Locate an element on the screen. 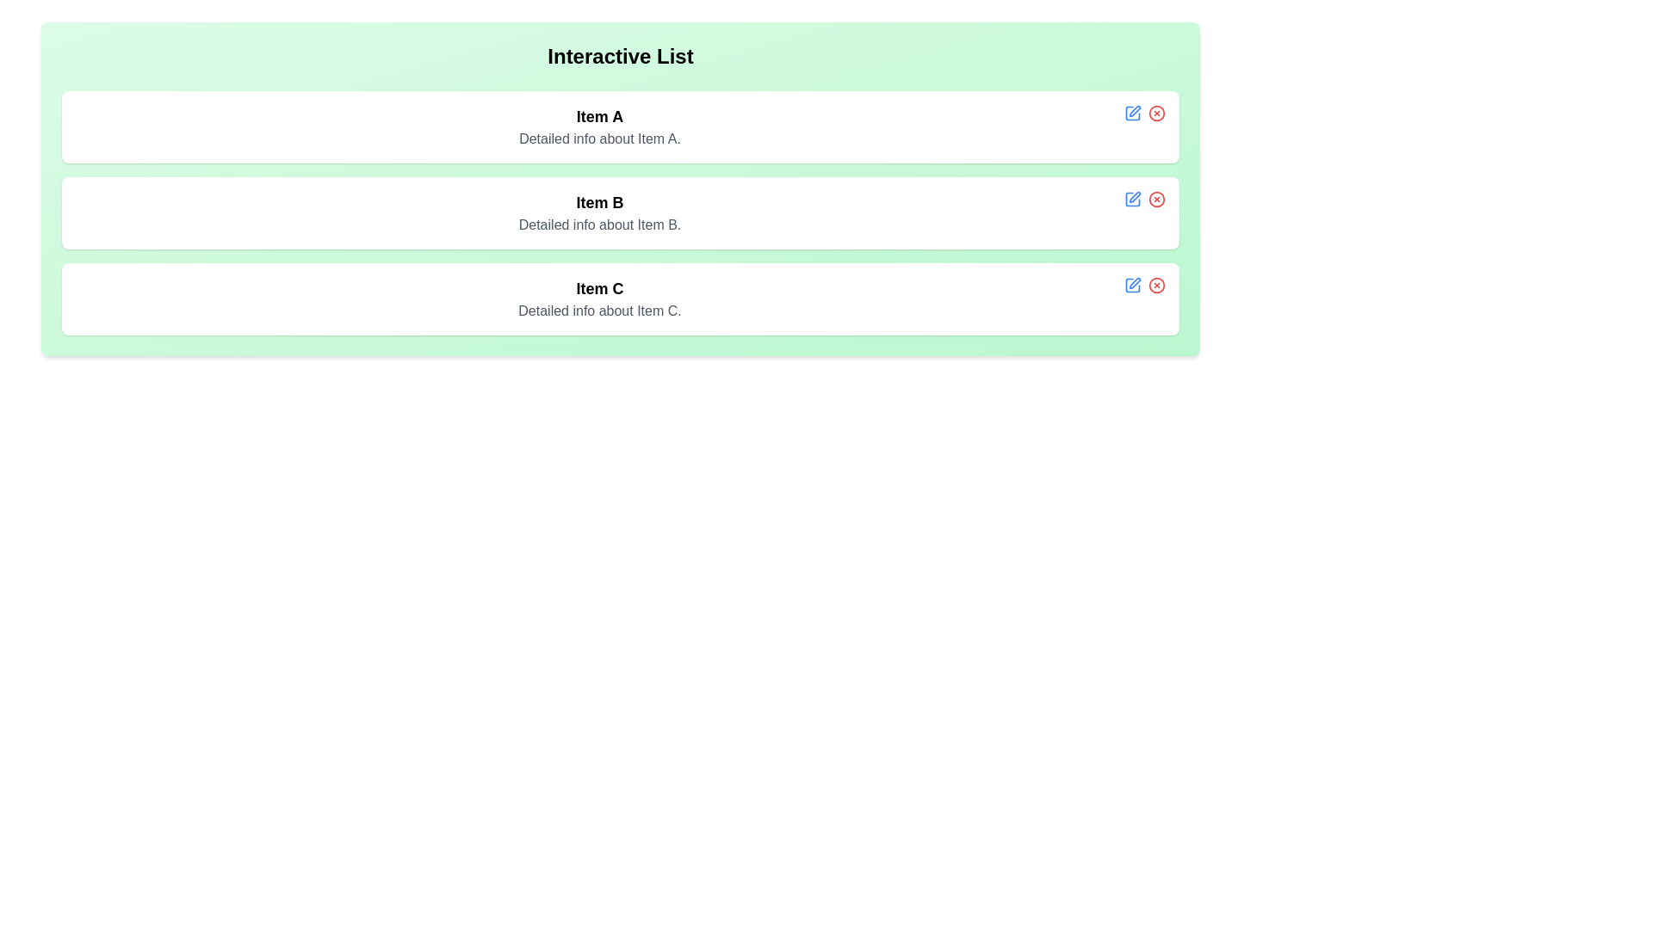 The image size is (1653, 929). the title of the first list item labeled 'Item A' in the interactive list is located at coordinates (599, 126).